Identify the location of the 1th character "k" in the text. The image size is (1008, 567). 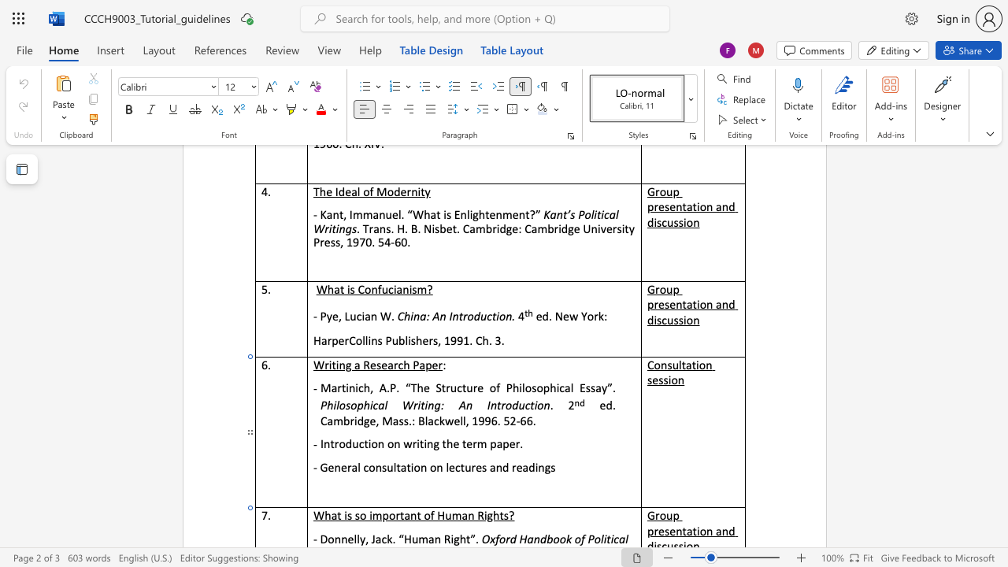
(389, 538).